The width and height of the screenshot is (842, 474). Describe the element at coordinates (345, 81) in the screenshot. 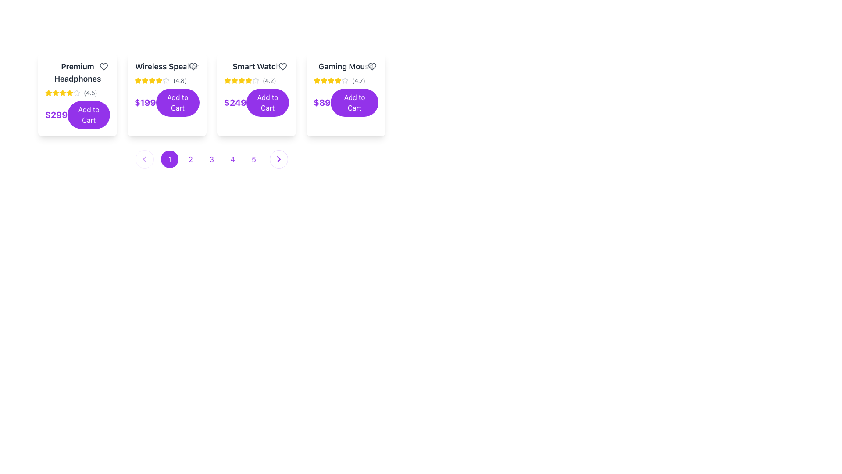

I see `the star icon element, which is the sixth star in a rating group for the 'Gaming Mouse' product, to engage with its neighboring elements` at that location.